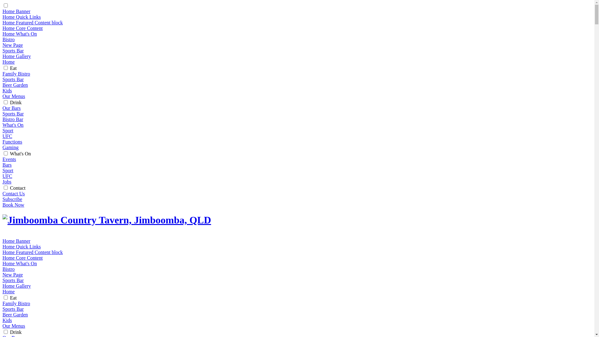 The height and width of the screenshot is (337, 599). Describe the element at coordinates (10, 147) in the screenshot. I see `'Gaming'` at that location.